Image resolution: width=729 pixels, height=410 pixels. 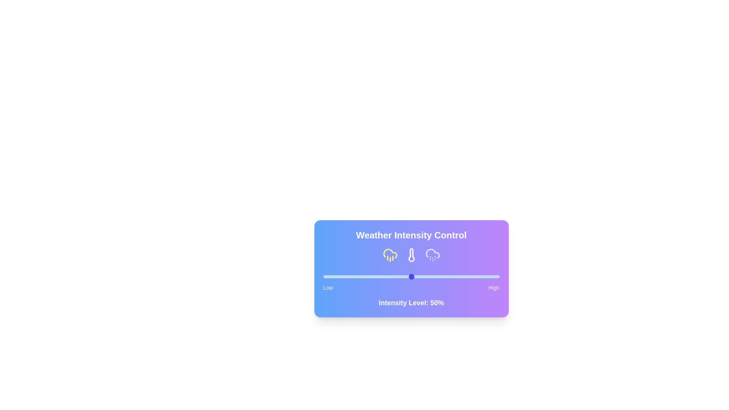 What do you see at coordinates (432, 255) in the screenshot?
I see `the weather condition icon for snow` at bounding box center [432, 255].